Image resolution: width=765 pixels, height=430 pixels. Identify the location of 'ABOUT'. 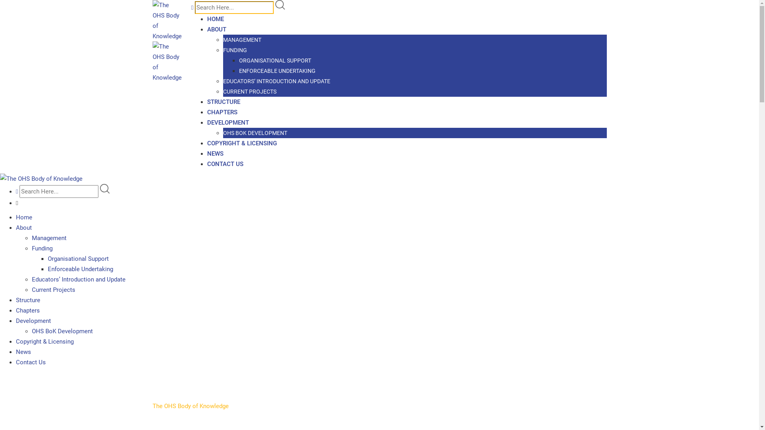
(216, 29).